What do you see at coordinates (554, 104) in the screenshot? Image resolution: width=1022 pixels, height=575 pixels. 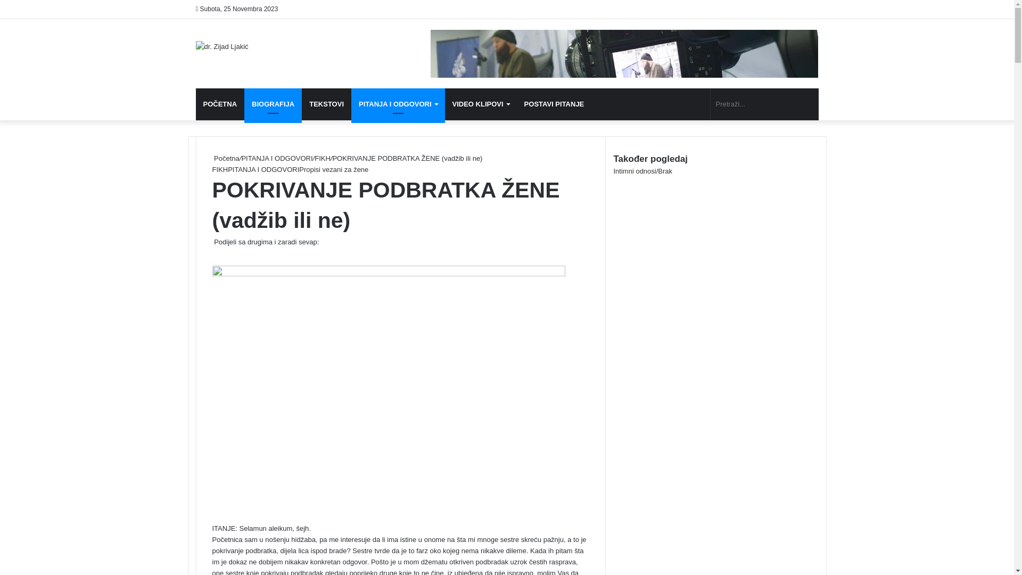 I see `'POSTAVI PITANJE'` at bounding box center [554, 104].